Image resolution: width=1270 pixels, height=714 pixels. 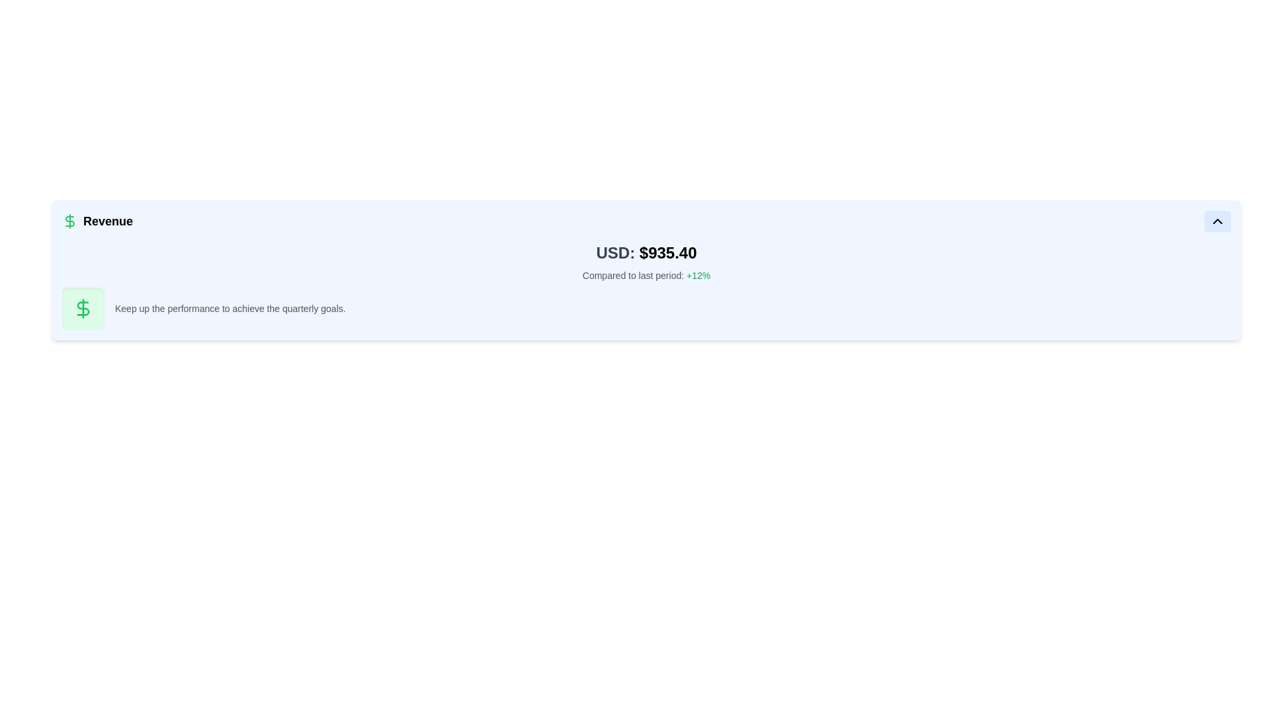 What do you see at coordinates (614, 253) in the screenshot?
I see `the currency indicator label that specifies the value is in United States Dollars (USD), located to the left of the numerical value '$935.40'` at bounding box center [614, 253].